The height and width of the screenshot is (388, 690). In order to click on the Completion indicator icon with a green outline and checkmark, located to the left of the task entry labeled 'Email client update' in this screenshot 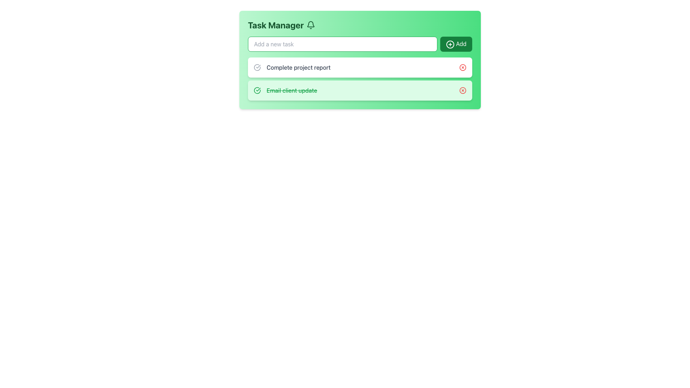, I will do `click(257, 90)`.